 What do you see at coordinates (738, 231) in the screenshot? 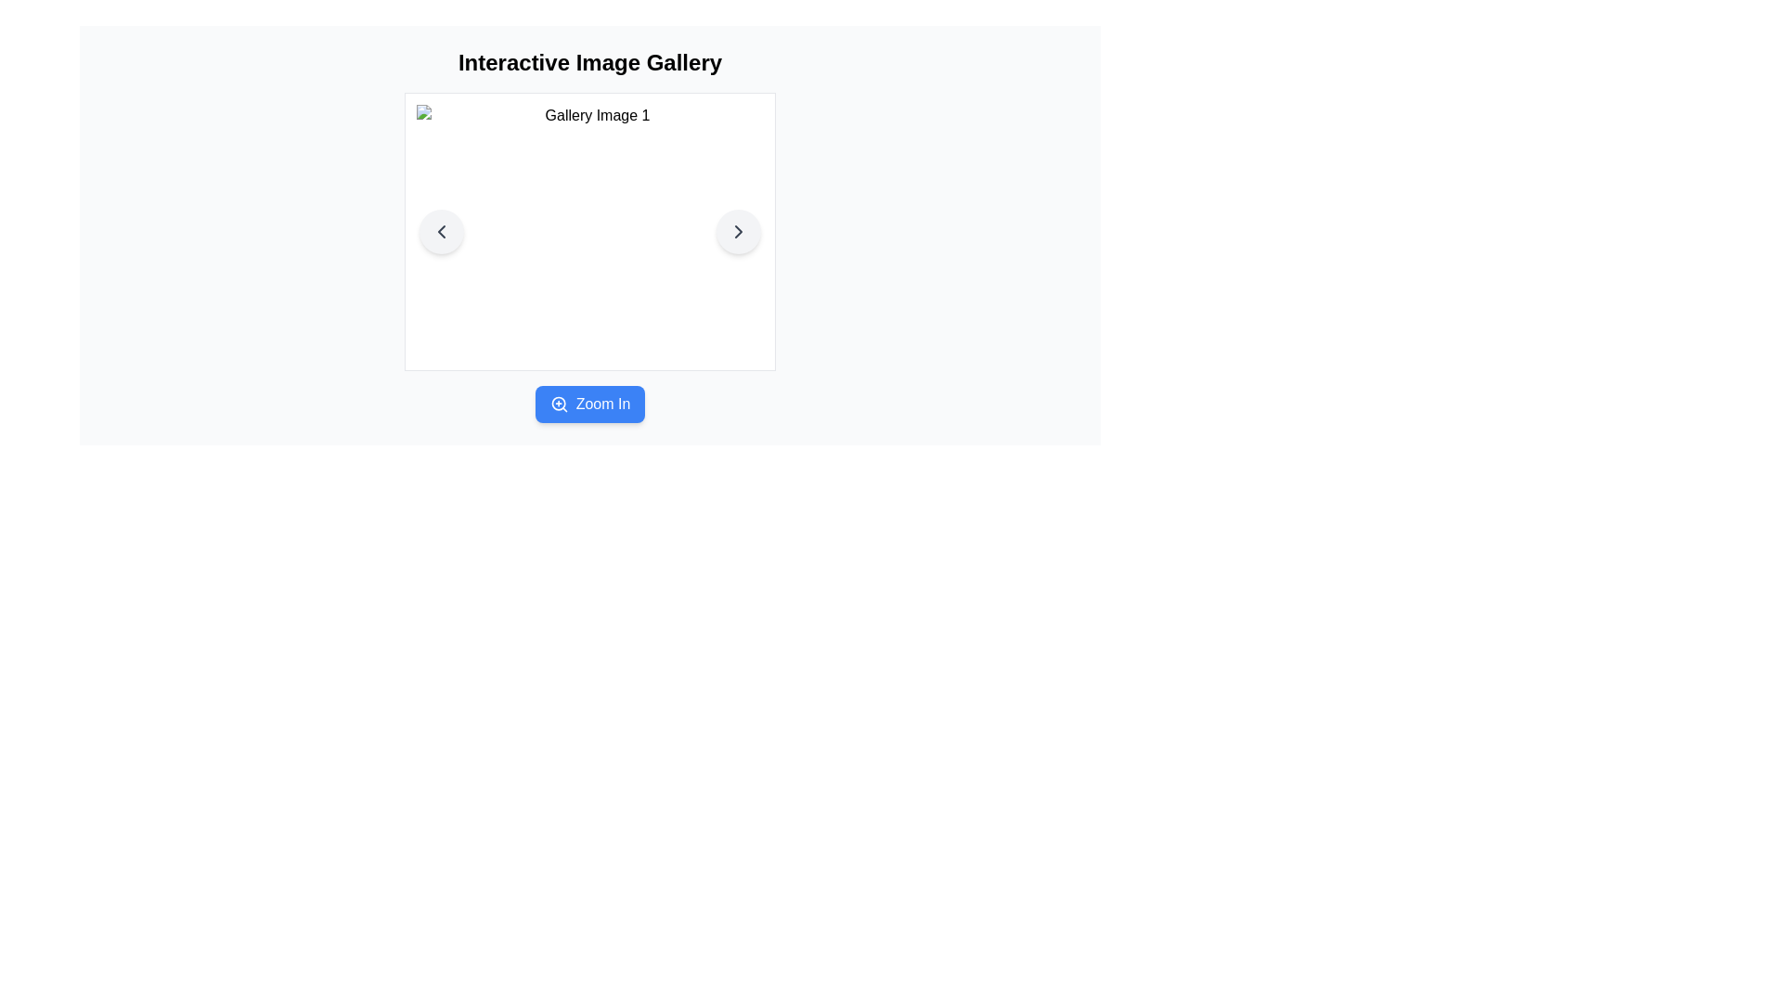
I see `the Right navigation chevron icon located within the circular button at the top-right corner of the gallery interface` at bounding box center [738, 231].